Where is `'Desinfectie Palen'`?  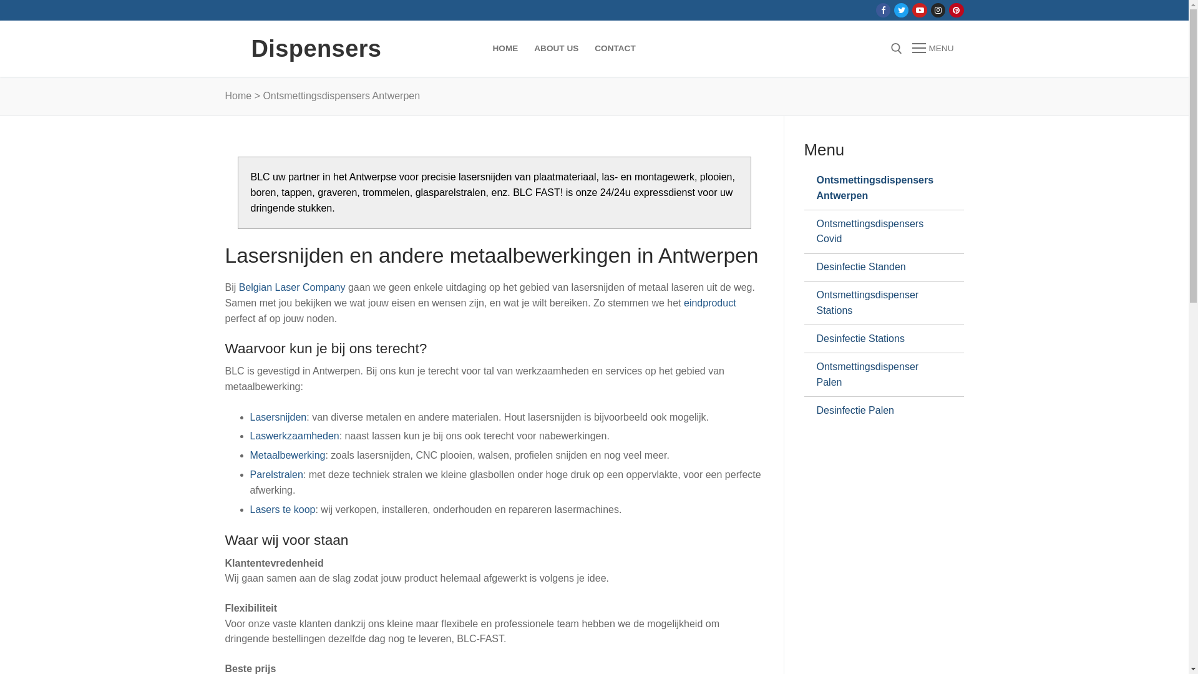
'Desinfectie Palen' is located at coordinates (877, 411).